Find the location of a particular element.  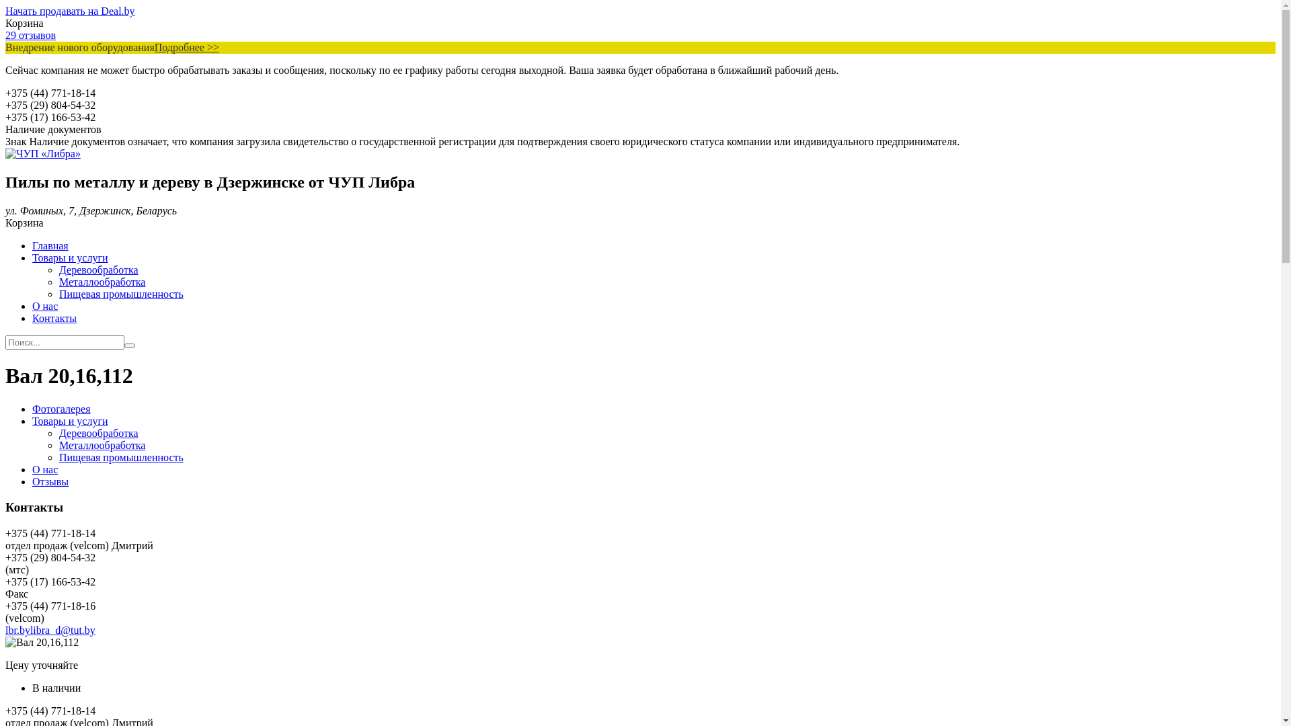

'lbr.by' is located at coordinates (17, 630).